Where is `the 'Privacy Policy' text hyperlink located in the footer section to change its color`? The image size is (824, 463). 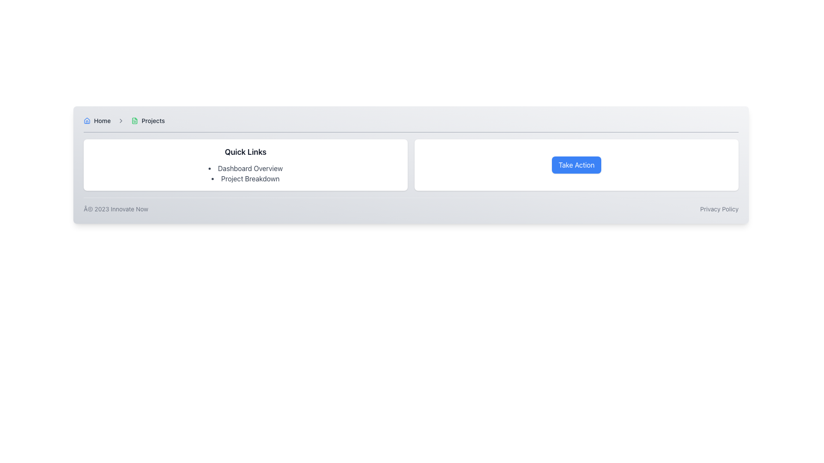
the 'Privacy Policy' text hyperlink located in the footer section to change its color is located at coordinates (719, 209).